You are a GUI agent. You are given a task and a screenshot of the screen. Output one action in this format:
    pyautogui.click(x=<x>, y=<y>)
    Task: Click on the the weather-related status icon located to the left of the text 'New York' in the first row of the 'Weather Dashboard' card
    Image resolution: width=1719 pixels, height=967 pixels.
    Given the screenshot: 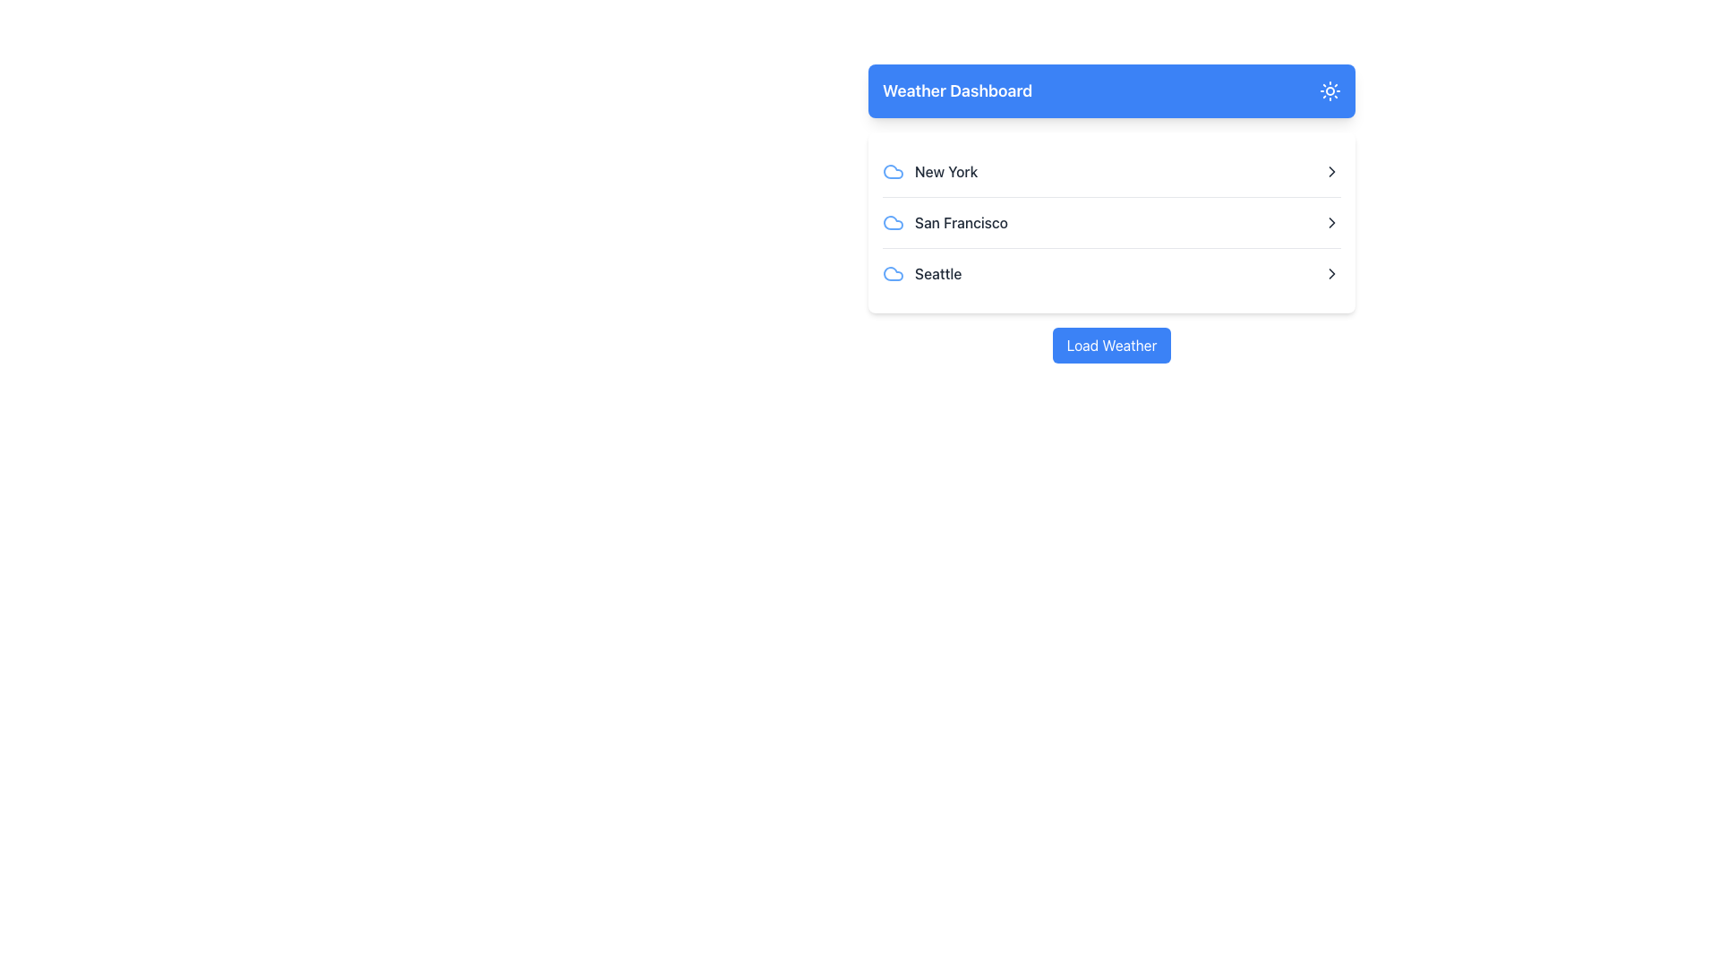 What is the action you would take?
    pyautogui.click(x=894, y=172)
    